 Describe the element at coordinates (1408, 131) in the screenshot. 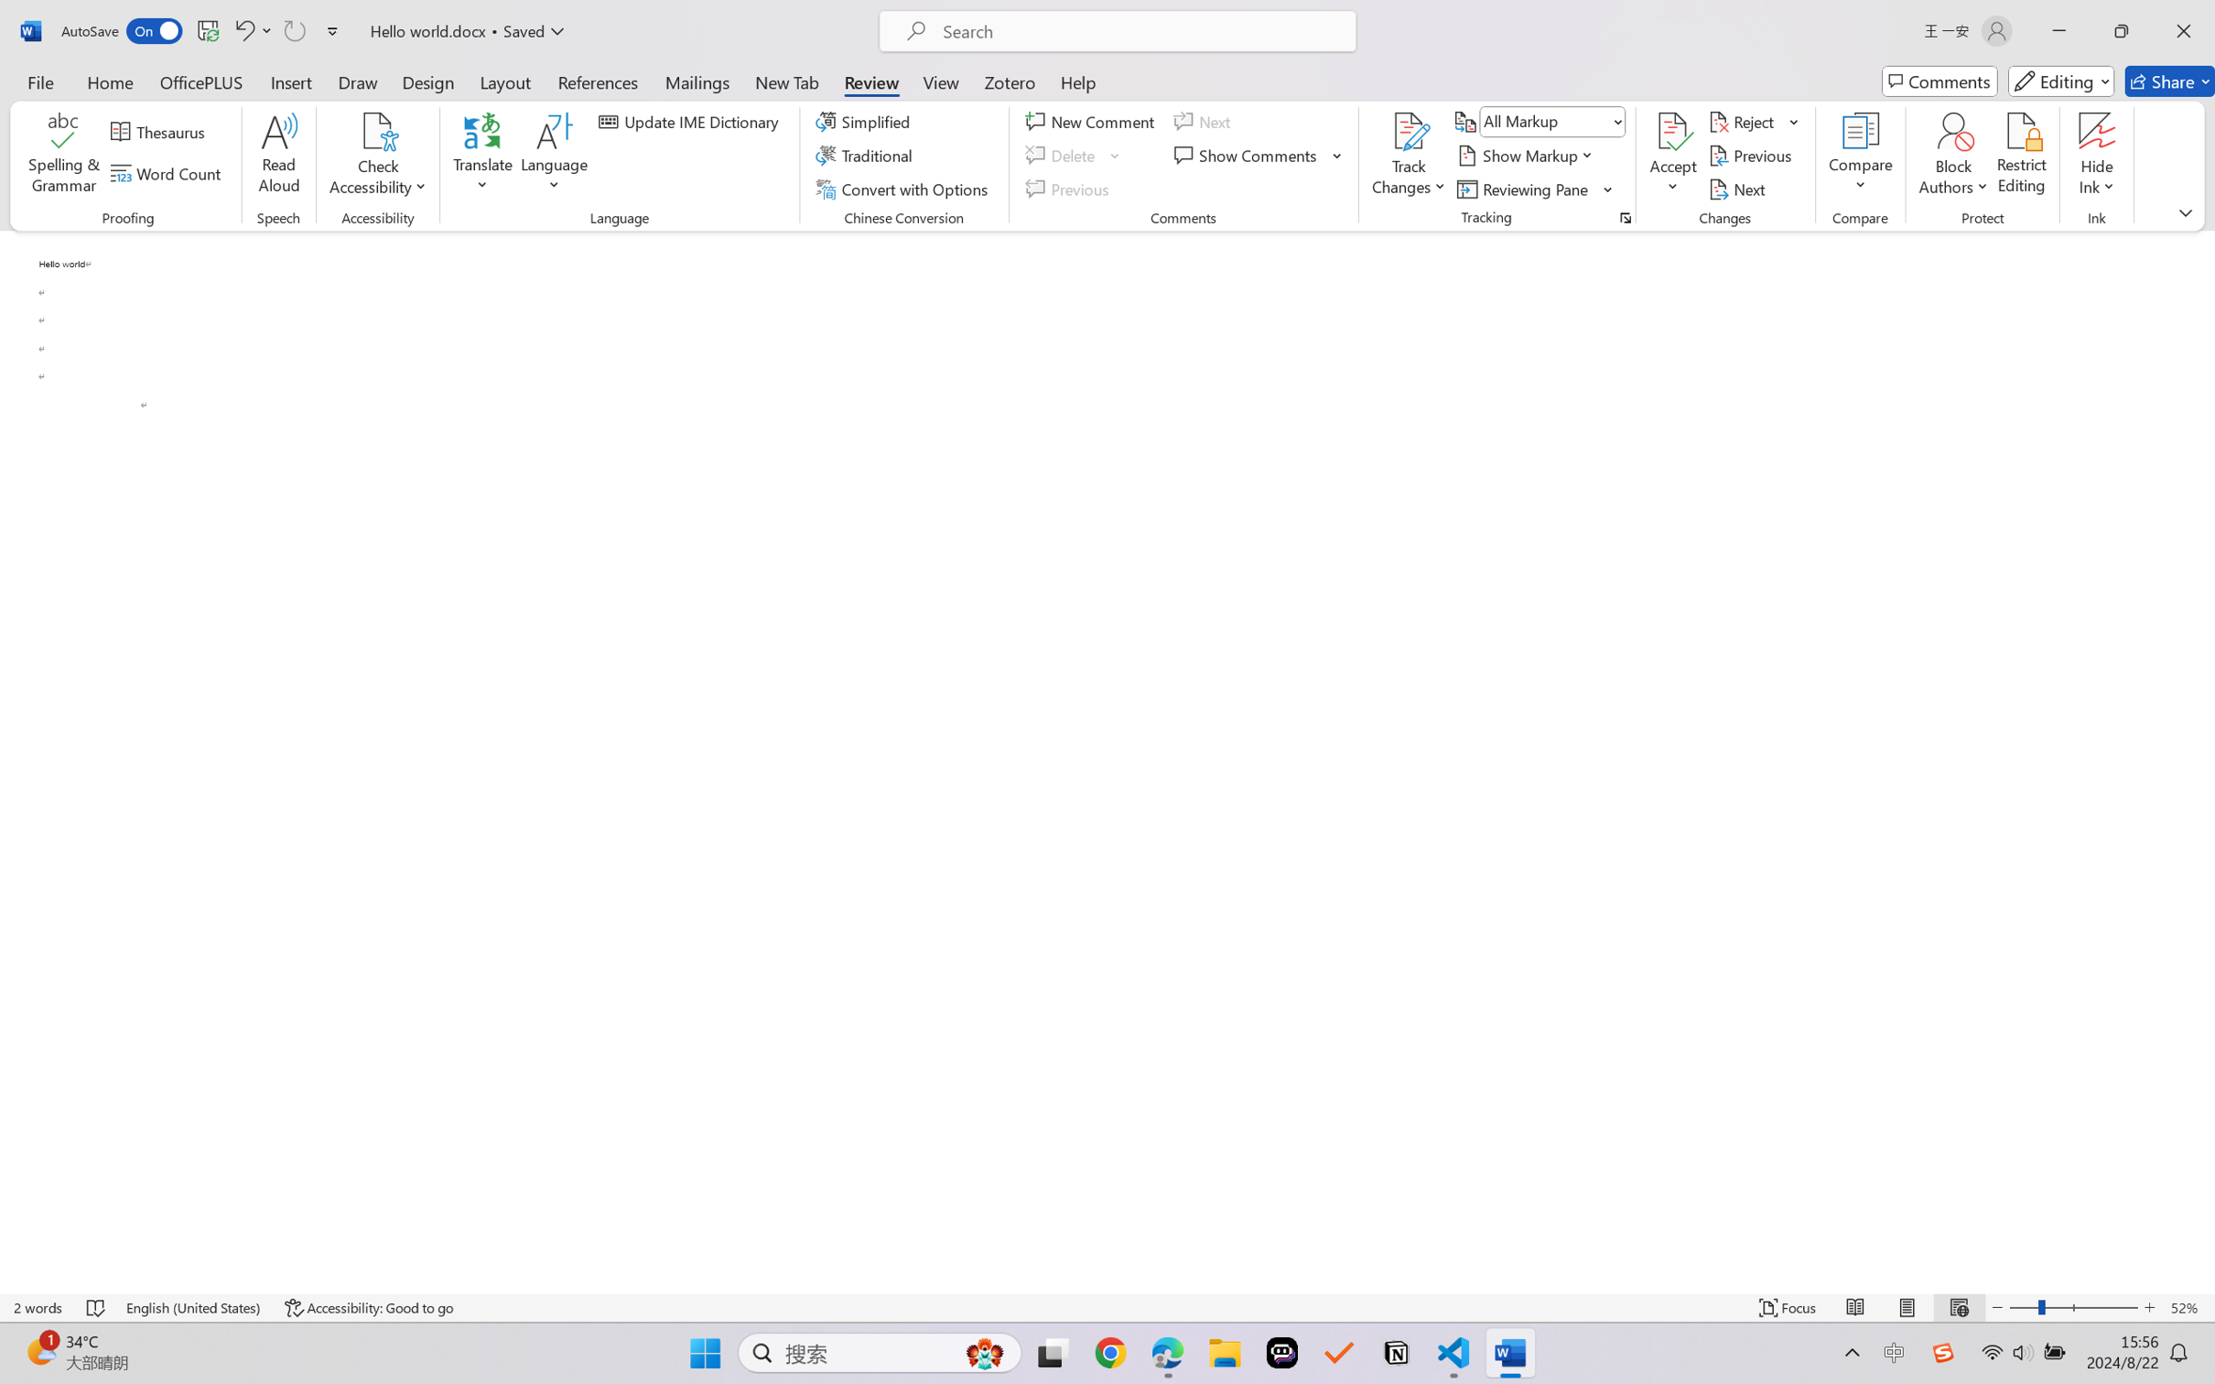

I see `'Track Changes'` at that location.